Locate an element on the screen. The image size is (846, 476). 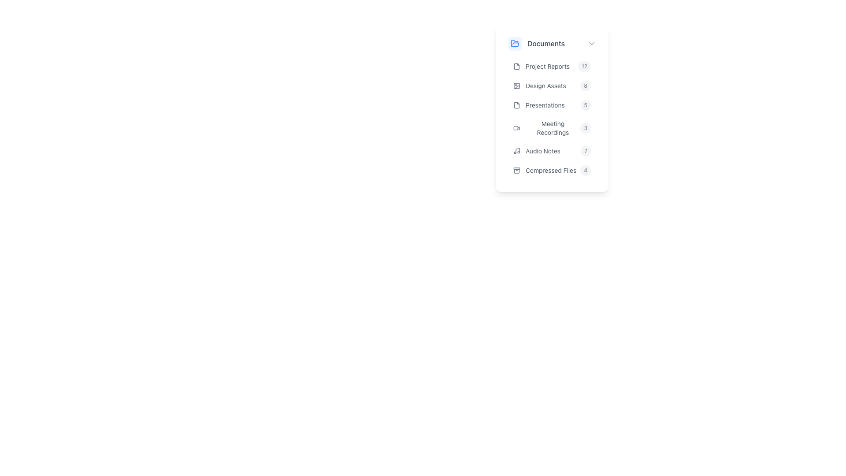
the 'Documents' label with a blue folder icon is located at coordinates (547, 44).